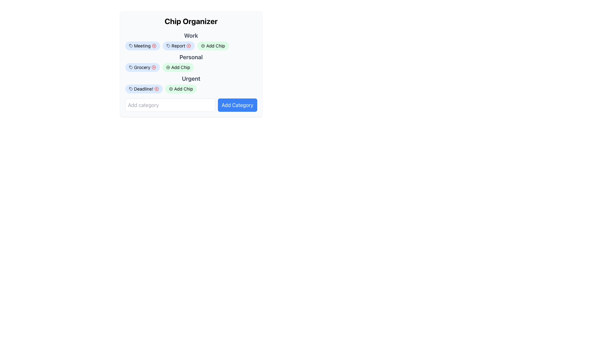 The image size is (609, 342). What do you see at coordinates (130, 46) in the screenshot?
I see `the icon within the 'Meeting' chip located on the left side under the 'Work' category` at bounding box center [130, 46].